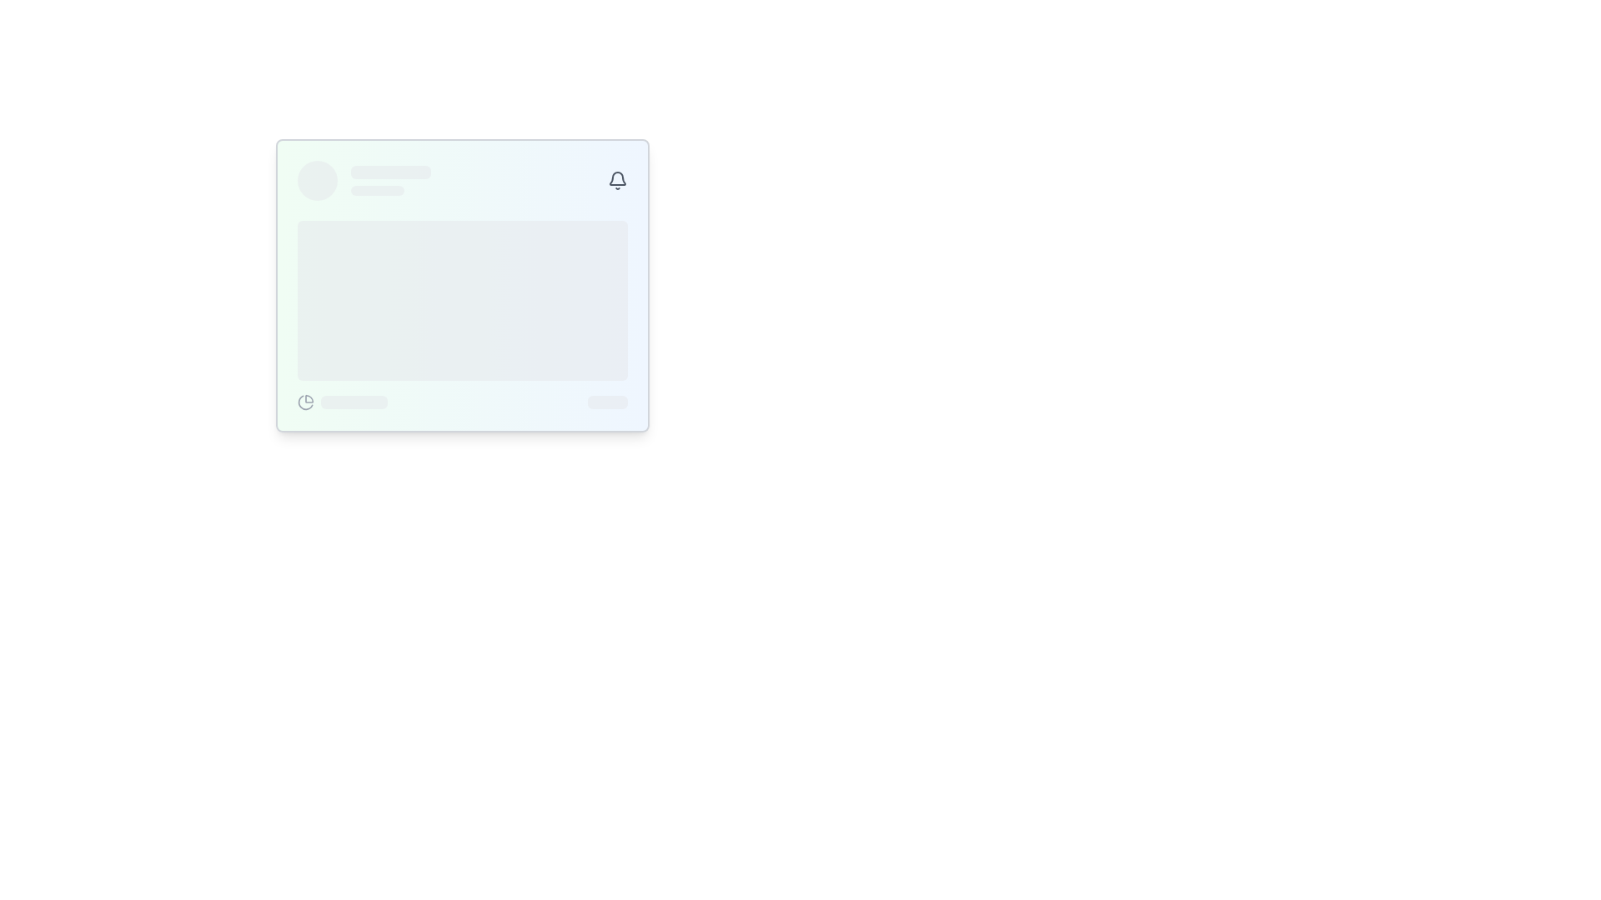  Describe the element at coordinates (616, 180) in the screenshot. I see `the bell-shaped interactive icon in the top-right corner of the header to change its color from gray to blue` at that location.